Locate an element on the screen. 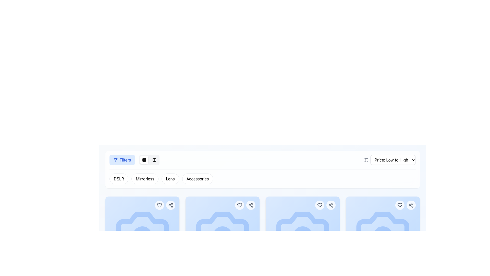  the layout switch button located in the top section of the interface, positioned between the filter icon and the layout selection icon is located at coordinates (144, 159).